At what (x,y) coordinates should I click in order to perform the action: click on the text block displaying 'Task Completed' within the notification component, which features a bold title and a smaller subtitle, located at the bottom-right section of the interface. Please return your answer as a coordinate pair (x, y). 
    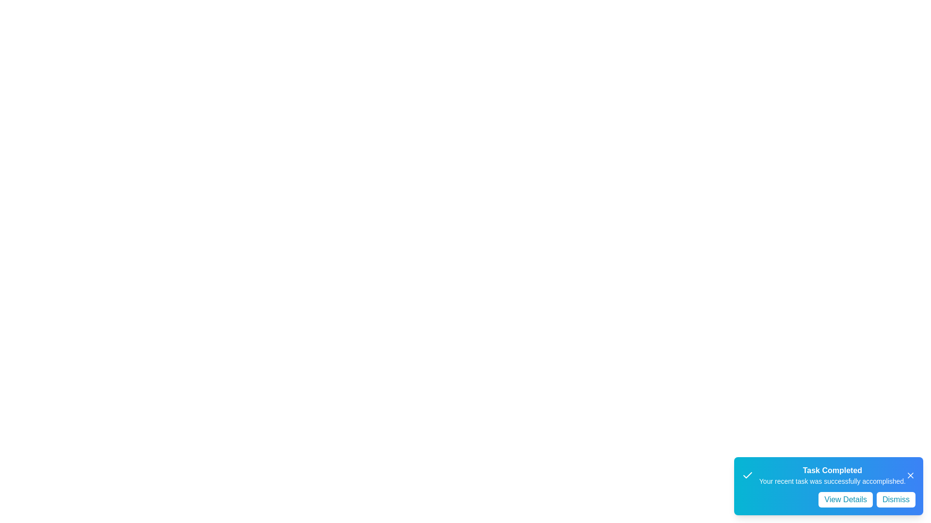
    Looking at the image, I should click on (832, 475).